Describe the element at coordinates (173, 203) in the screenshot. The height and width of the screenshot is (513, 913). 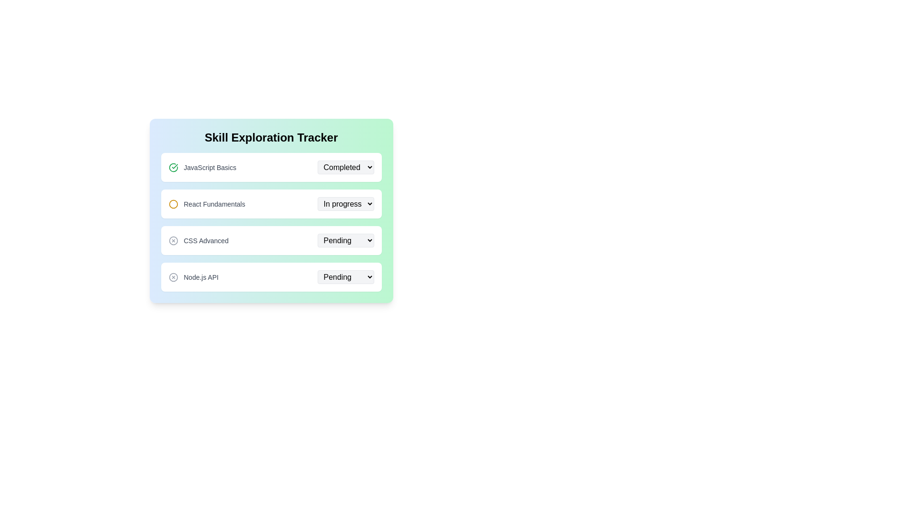
I see `the status or progress indicator icon located to the left of the 'React Fundamentals' text in the second row of items` at that location.